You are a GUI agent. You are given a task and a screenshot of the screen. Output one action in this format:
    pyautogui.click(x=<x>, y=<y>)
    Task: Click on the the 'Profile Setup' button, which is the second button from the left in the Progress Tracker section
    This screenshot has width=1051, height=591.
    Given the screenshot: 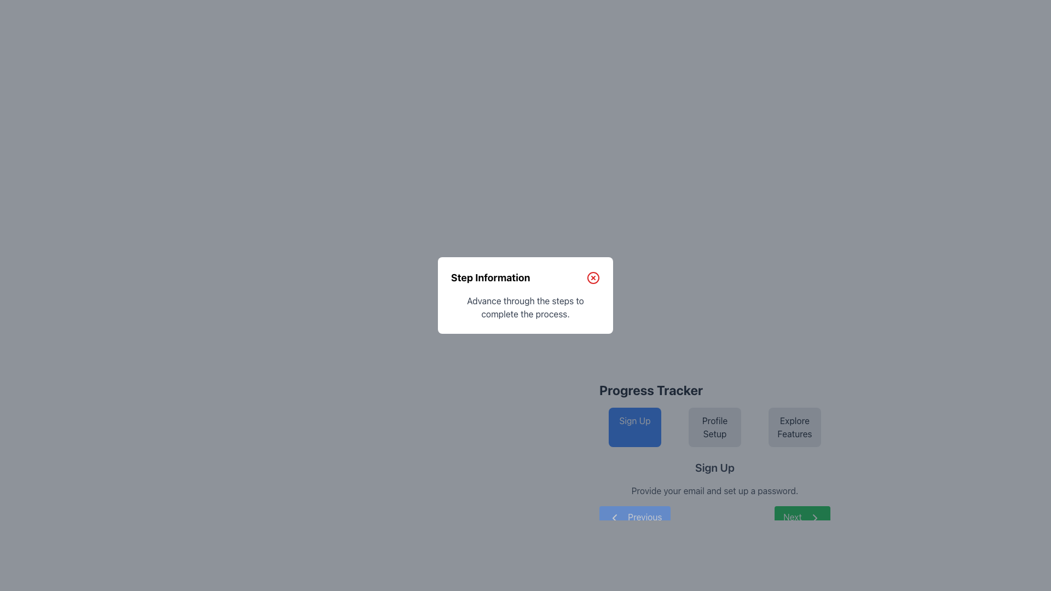 What is the action you would take?
    pyautogui.click(x=714, y=437)
    